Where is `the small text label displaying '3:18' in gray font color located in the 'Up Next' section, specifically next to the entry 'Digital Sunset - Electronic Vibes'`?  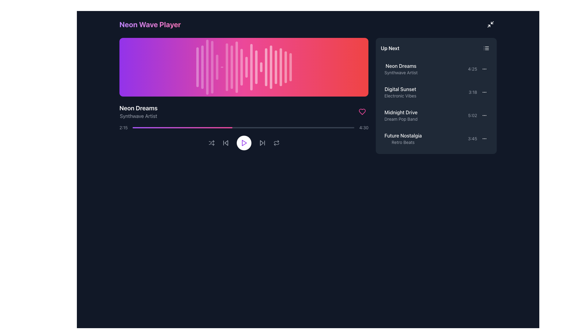 the small text label displaying '3:18' in gray font color located in the 'Up Next' section, specifically next to the entry 'Digital Sunset - Electronic Vibes' is located at coordinates (473, 92).